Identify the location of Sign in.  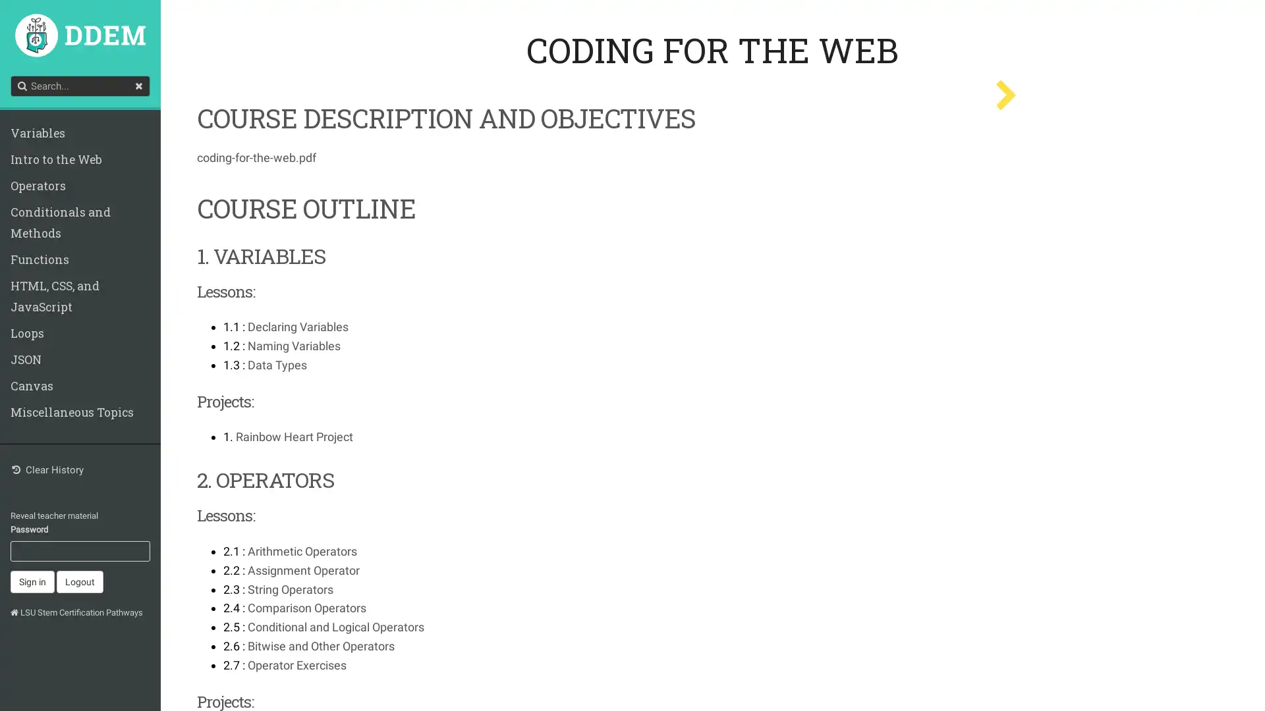
(32, 552).